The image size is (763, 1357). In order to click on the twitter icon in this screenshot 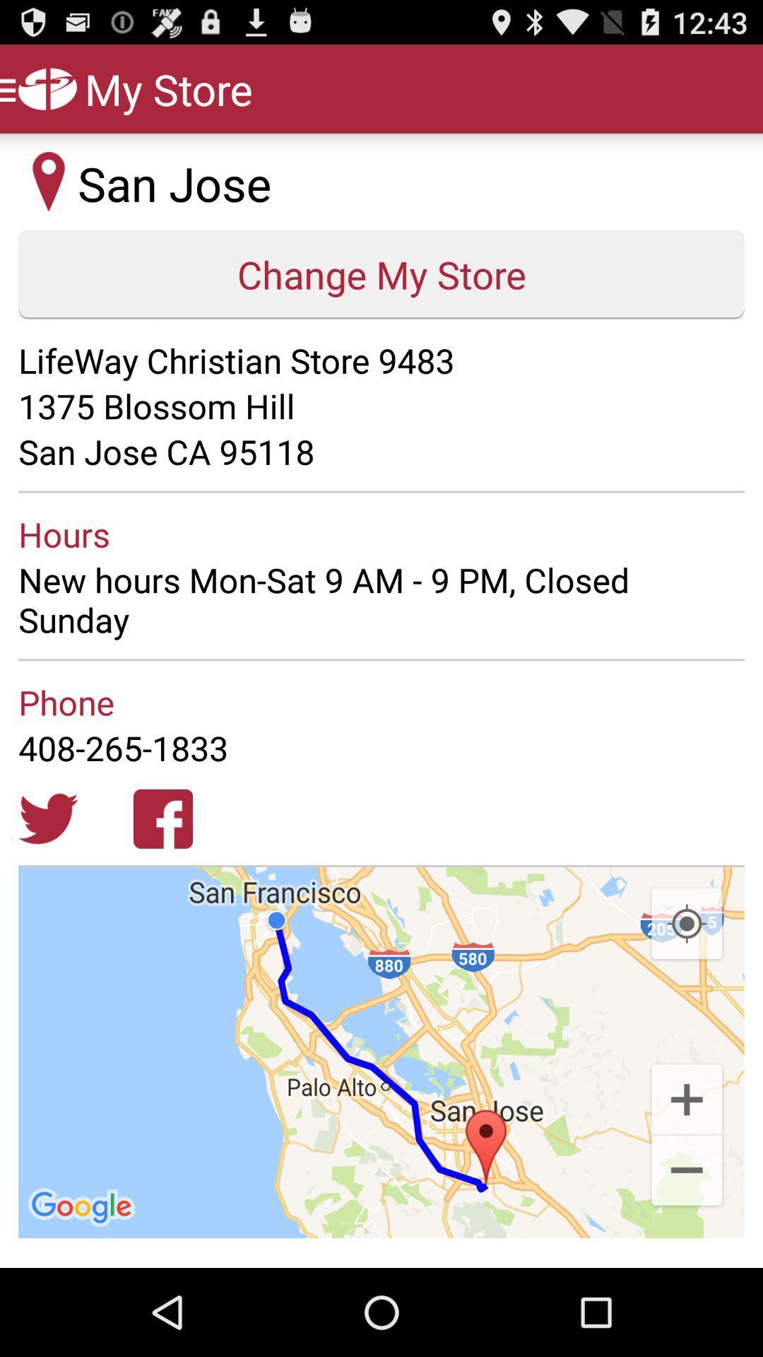, I will do `click(47, 876)`.